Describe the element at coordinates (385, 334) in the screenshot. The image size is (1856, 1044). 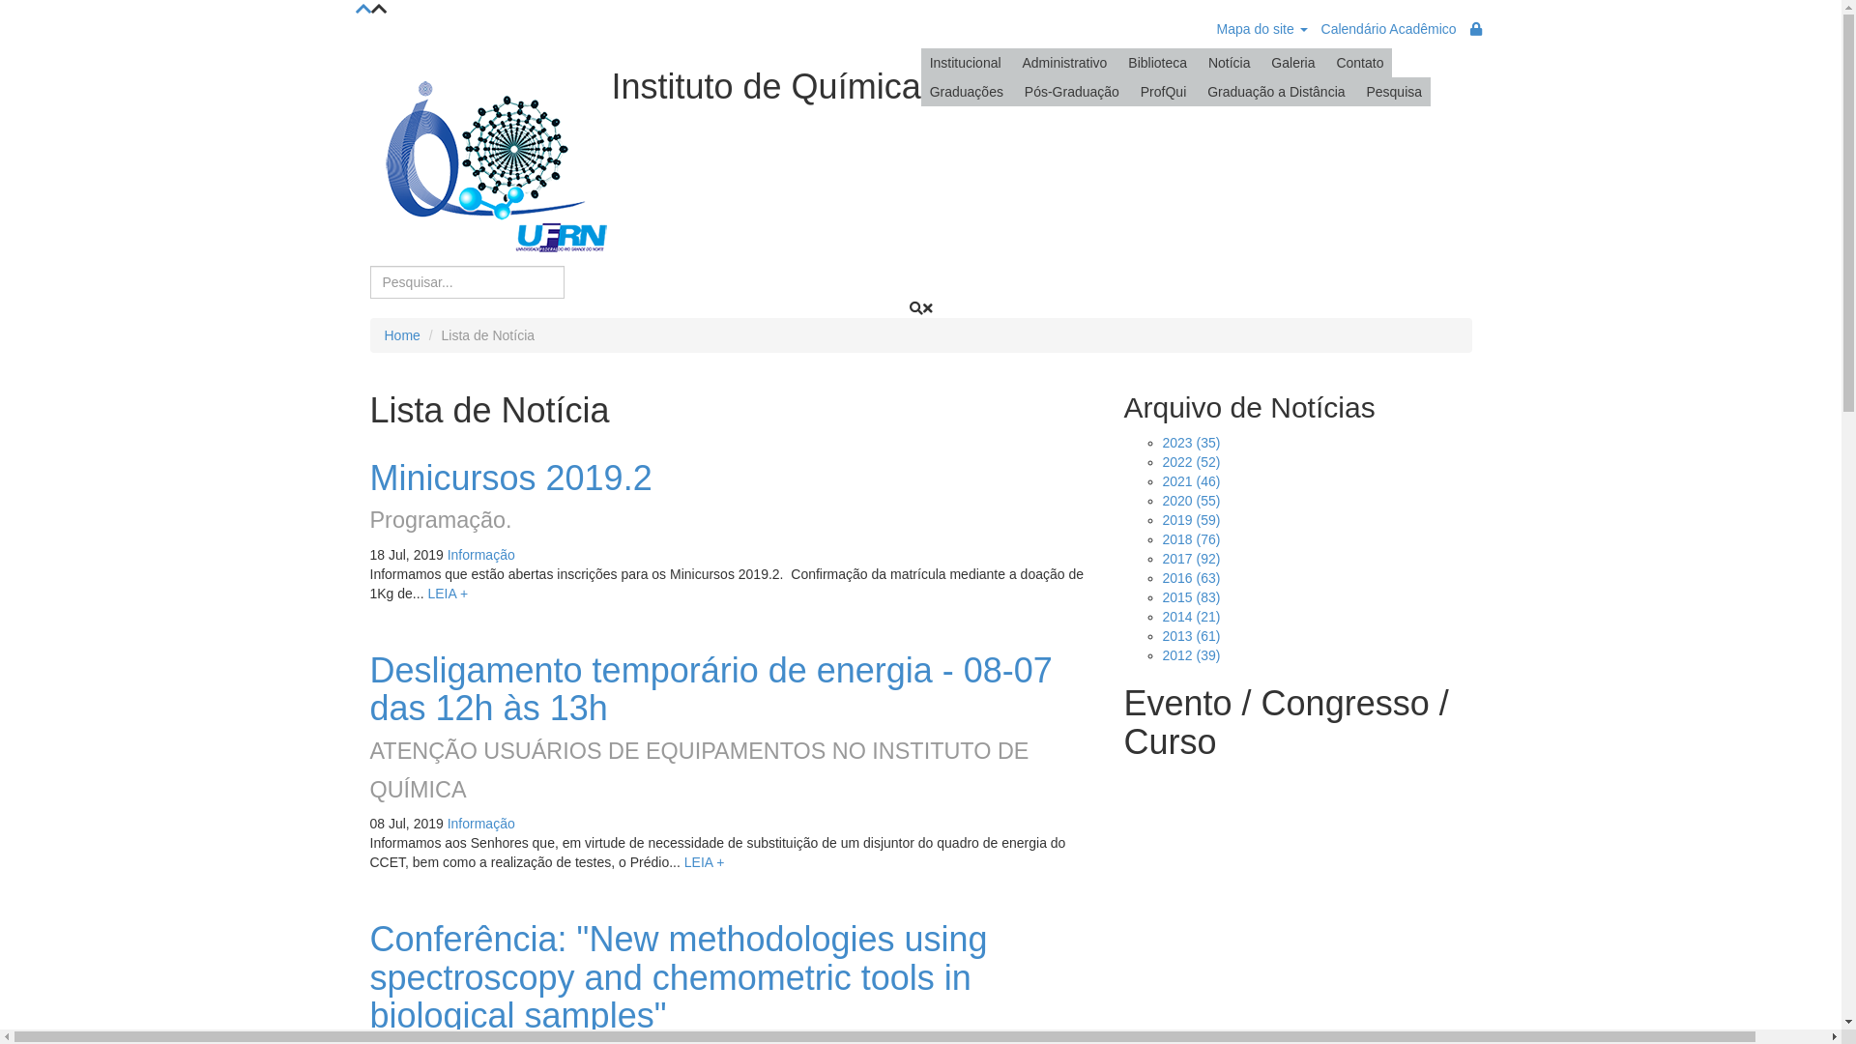
I see `'Home'` at that location.